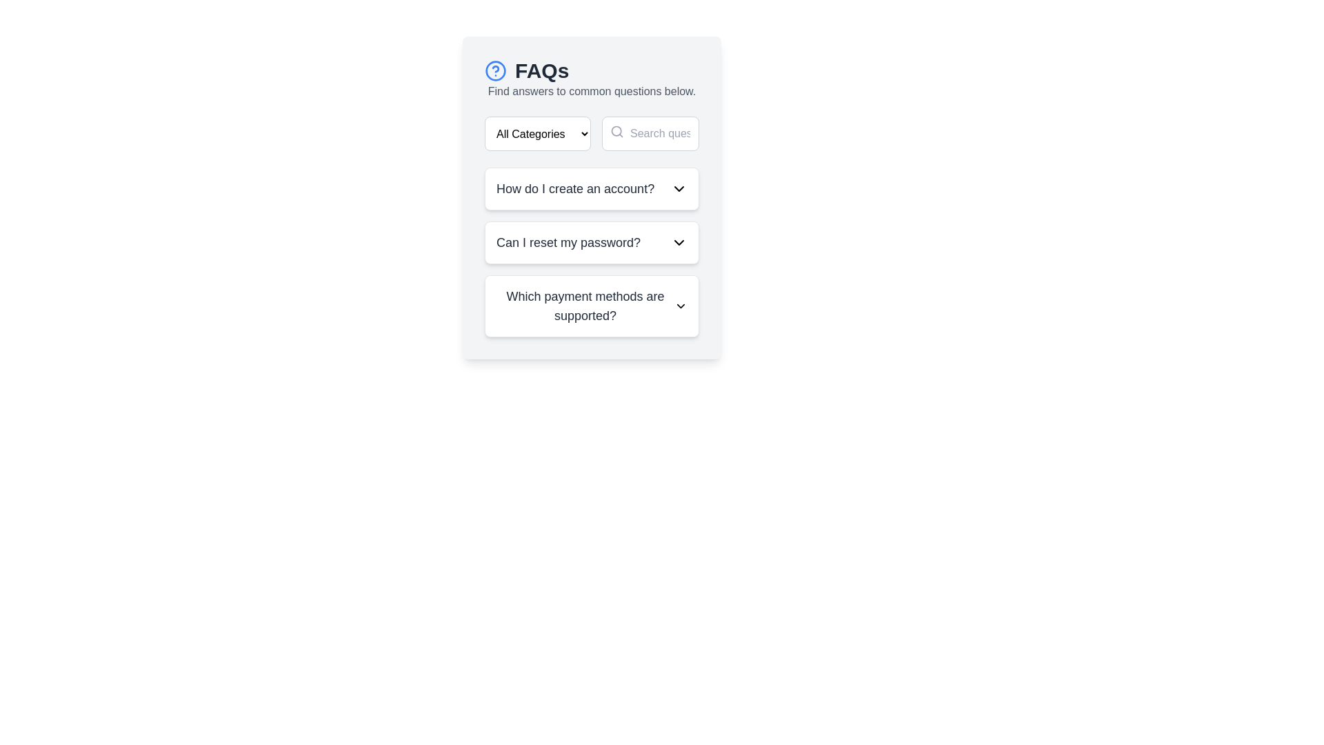 Image resolution: width=1324 pixels, height=745 pixels. What do you see at coordinates (592, 188) in the screenshot?
I see `the first question in the FAQ panel` at bounding box center [592, 188].